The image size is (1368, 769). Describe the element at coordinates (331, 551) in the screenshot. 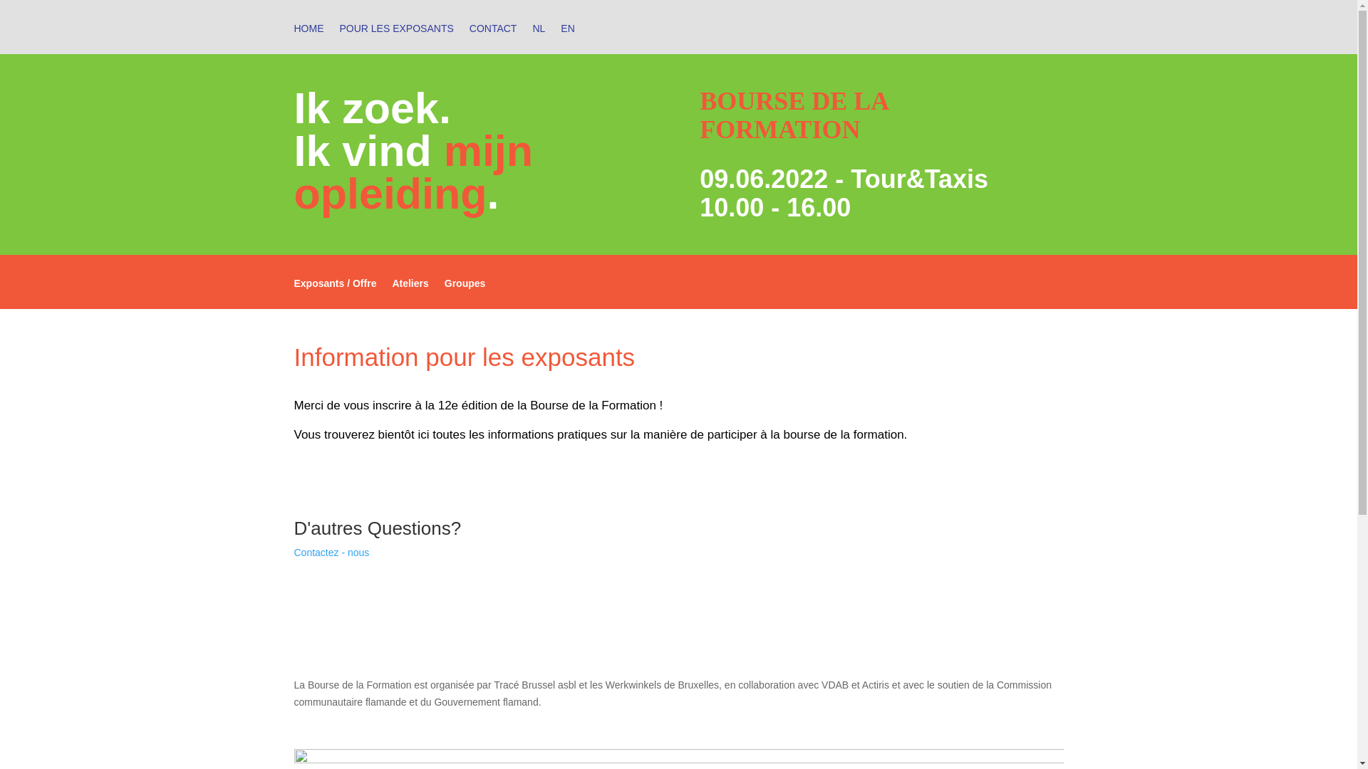

I see `'Contactez - nous'` at that location.